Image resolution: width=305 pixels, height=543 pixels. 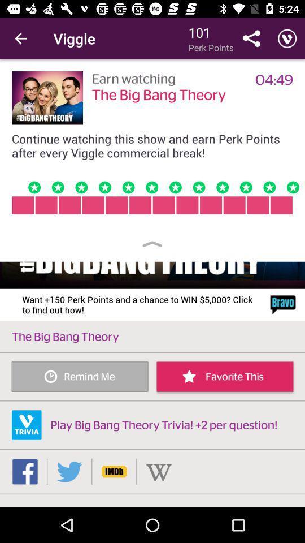 What do you see at coordinates (152, 244) in the screenshot?
I see `the expand_less icon` at bounding box center [152, 244].